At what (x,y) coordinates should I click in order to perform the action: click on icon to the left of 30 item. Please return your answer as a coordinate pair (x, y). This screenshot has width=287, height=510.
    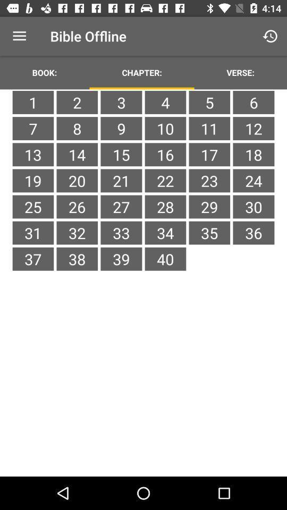
    Looking at the image, I should click on (209, 233).